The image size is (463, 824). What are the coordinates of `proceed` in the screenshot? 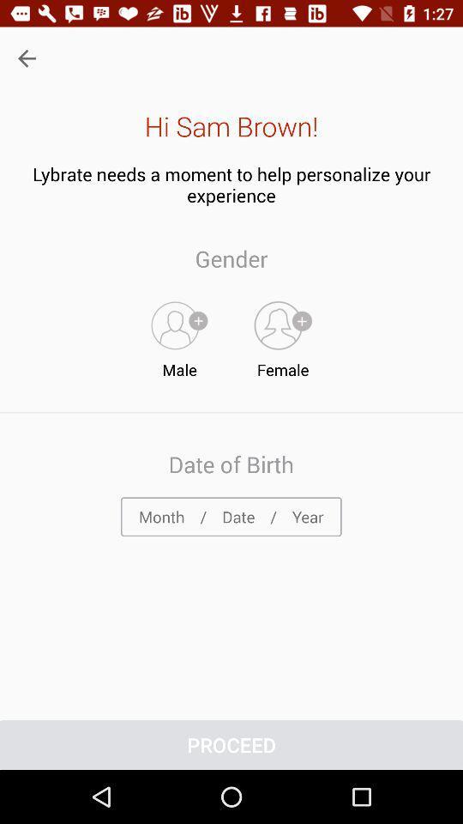 It's located at (231, 744).